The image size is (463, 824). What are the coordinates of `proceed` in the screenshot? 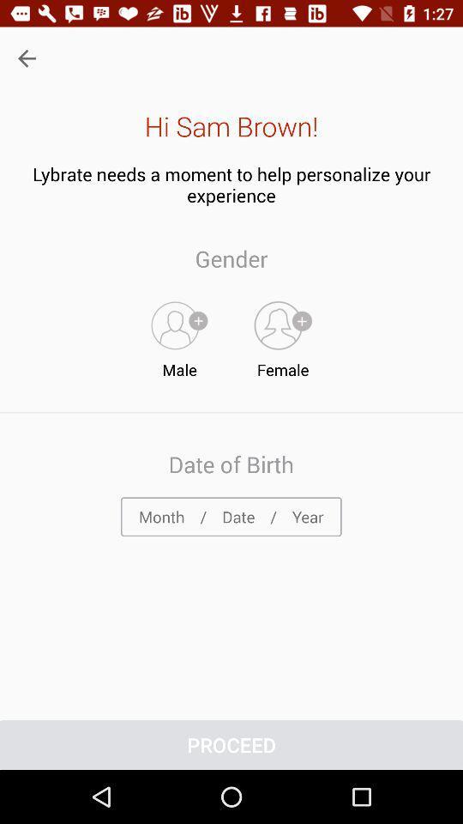 It's located at (231, 744).